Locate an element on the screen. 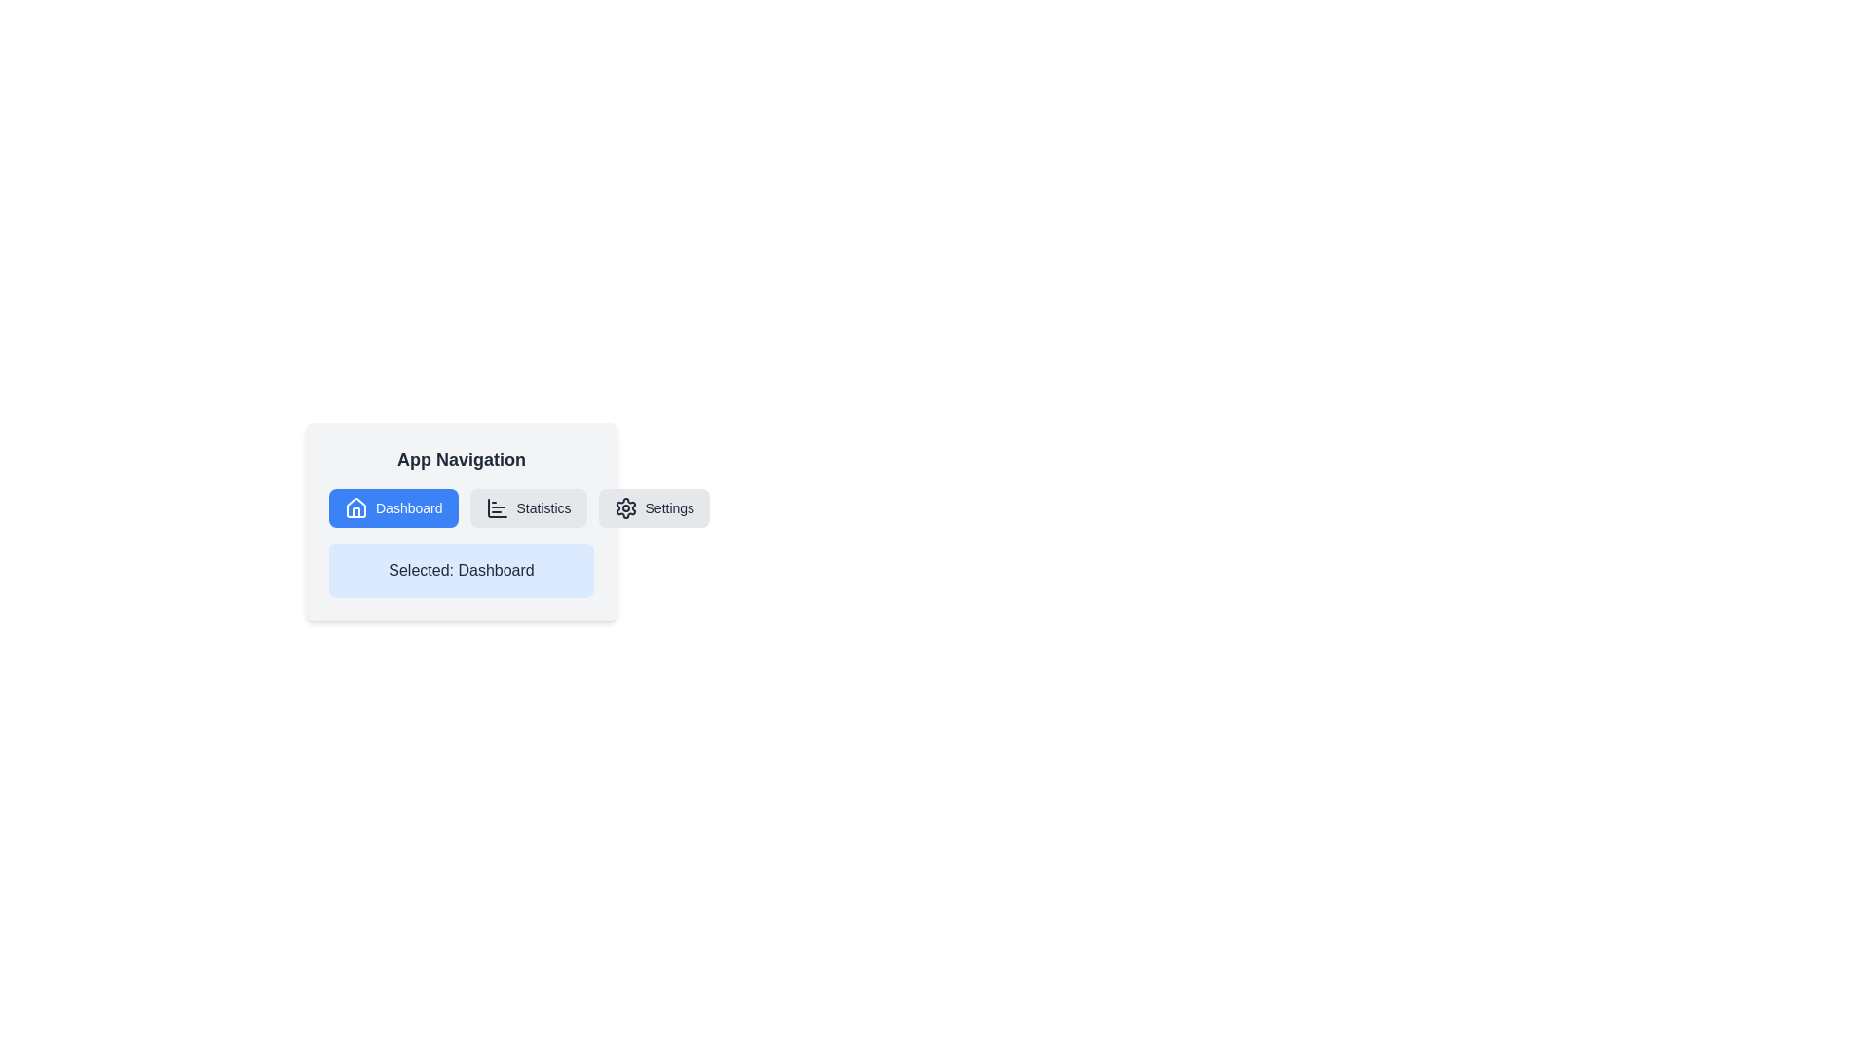 Image resolution: width=1870 pixels, height=1052 pixels. the house icon with a blue background, white interior, and black outline, which is part of the navigation button labeled 'Dashboard' is located at coordinates (355, 507).